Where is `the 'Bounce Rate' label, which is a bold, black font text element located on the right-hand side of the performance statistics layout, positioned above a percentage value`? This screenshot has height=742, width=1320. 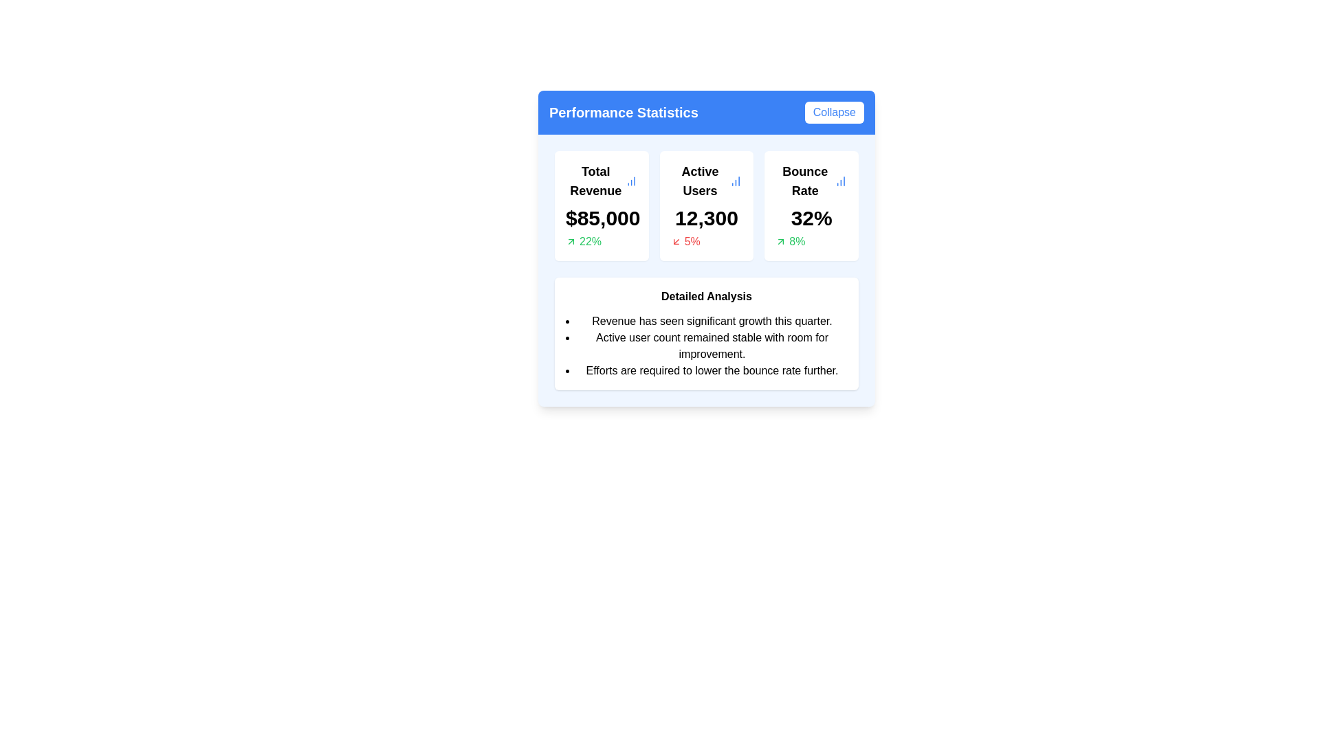 the 'Bounce Rate' label, which is a bold, black font text element located on the right-hand side of the performance statistics layout, positioned above a percentage value is located at coordinates (805, 180).